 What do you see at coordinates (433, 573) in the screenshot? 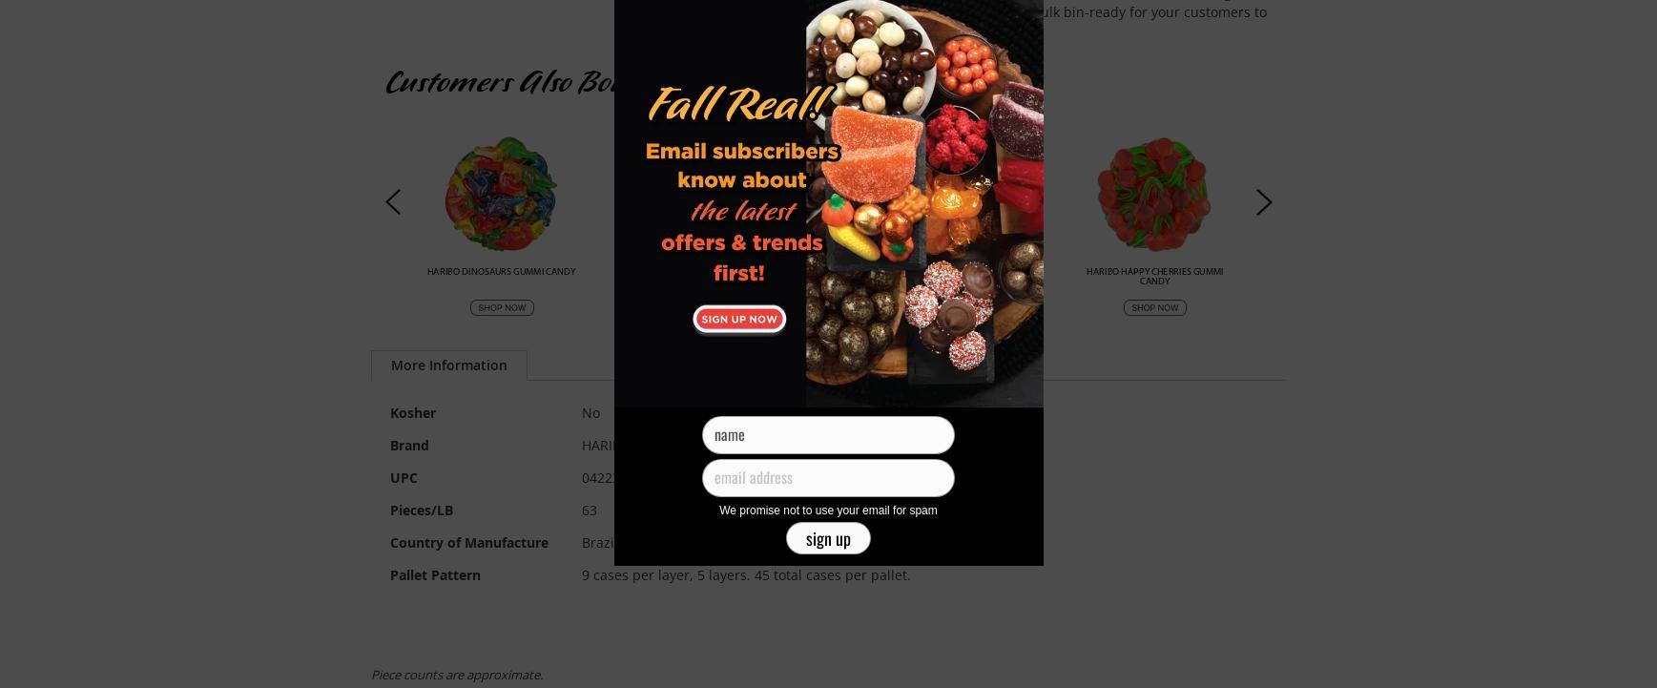
I see `'Pallet Pattern'` at bounding box center [433, 573].